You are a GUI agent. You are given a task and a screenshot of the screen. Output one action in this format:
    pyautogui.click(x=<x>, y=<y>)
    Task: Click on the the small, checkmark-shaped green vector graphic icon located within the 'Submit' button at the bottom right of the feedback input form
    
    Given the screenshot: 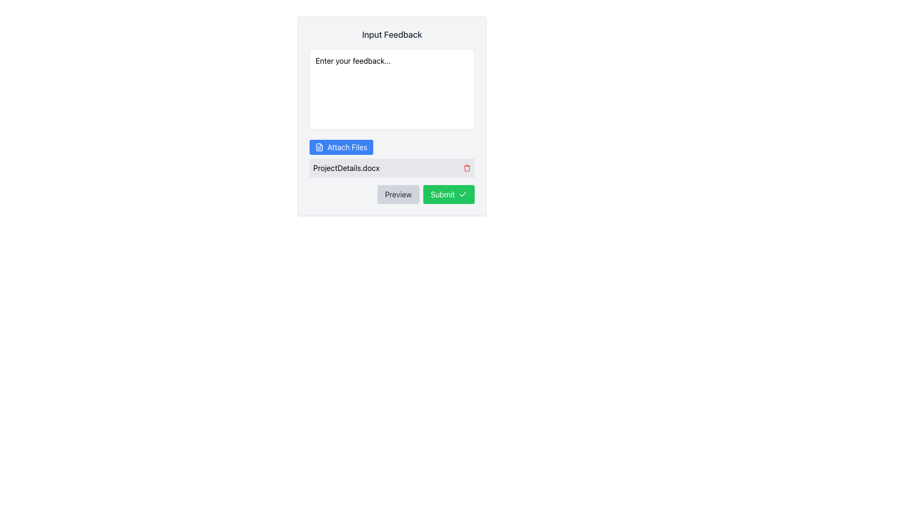 What is the action you would take?
    pyautogui.click(x=462, y=194)
    